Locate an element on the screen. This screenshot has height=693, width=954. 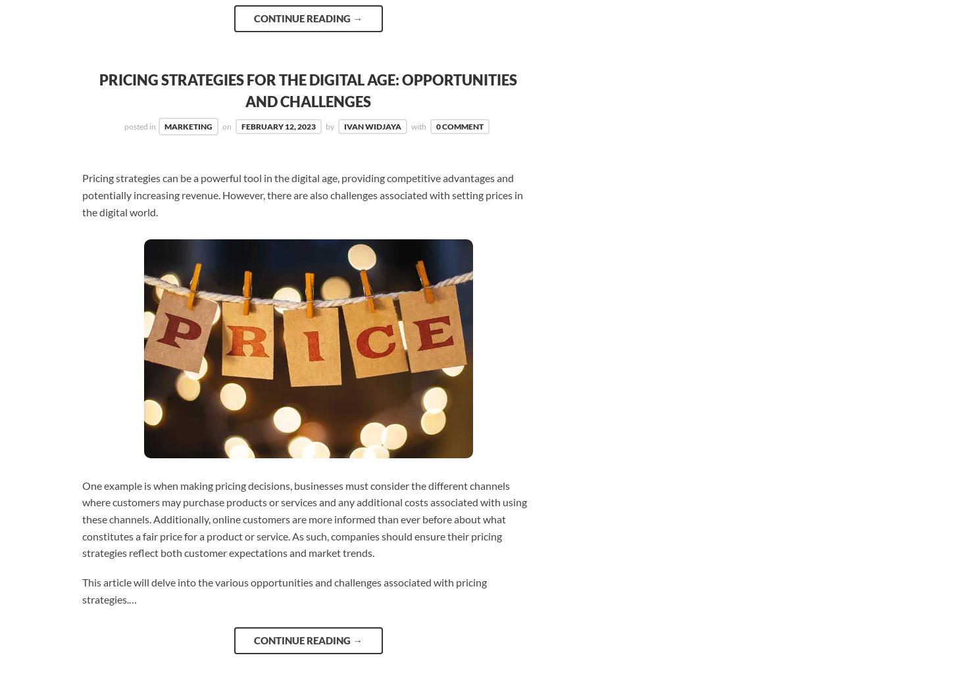
'This article will delve into the various opportunities and challenges associated with pricing strategies.…' is located at coordinates (284, 589).